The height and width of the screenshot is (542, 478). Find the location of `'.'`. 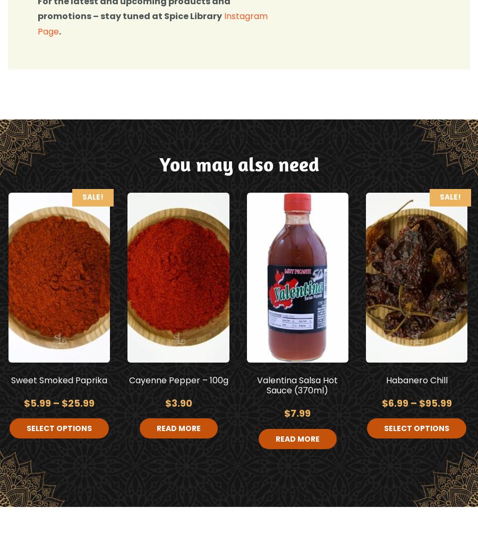

'.' is located at coordinates (60, 31).